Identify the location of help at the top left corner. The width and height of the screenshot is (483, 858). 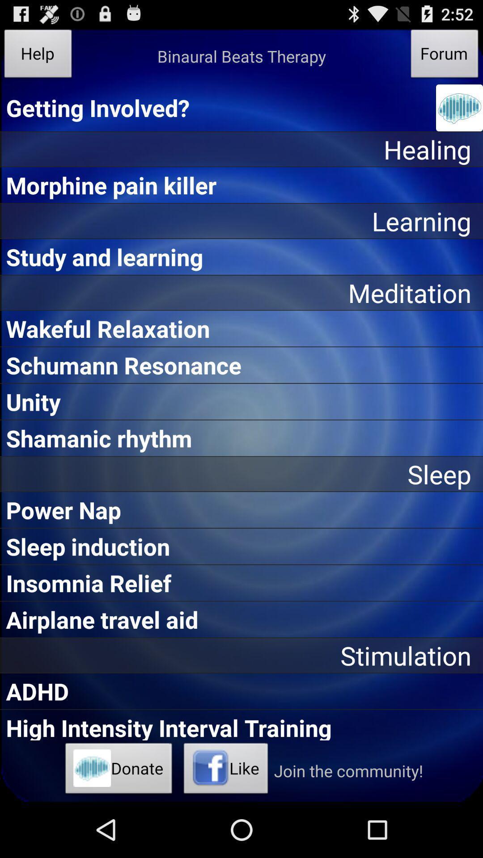
(38, 55).